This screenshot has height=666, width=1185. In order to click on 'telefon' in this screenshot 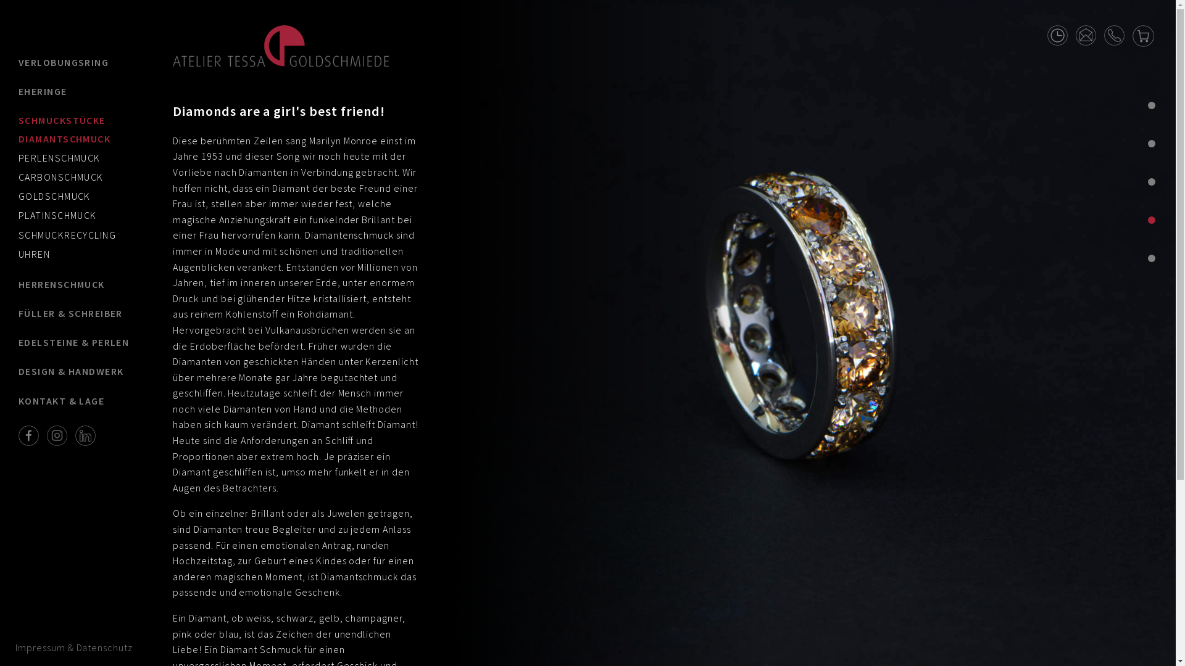, I will do `click(1114, 33)`.